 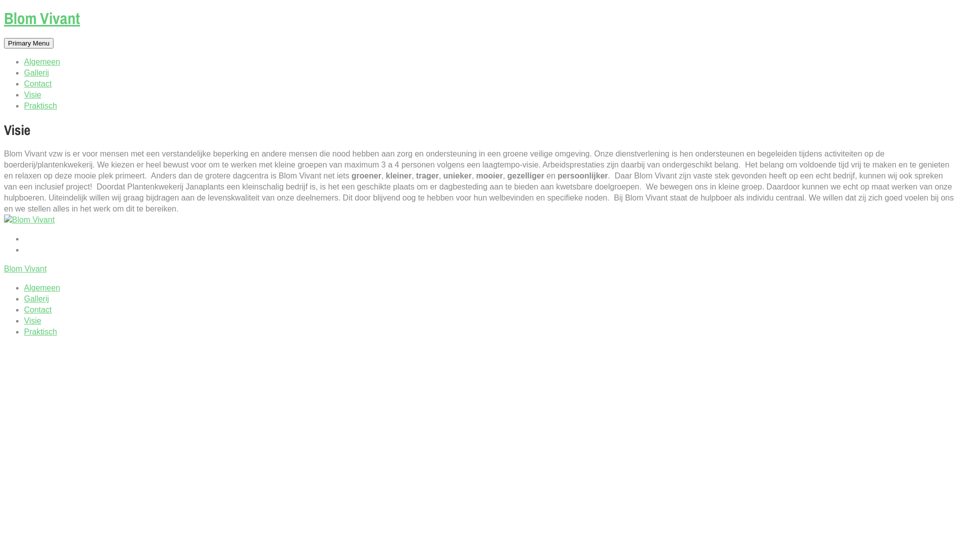 What do you see at coordinates (24, 72) in the screenshot?
I see `'Gallerij'` at bounding box center [24, 72].